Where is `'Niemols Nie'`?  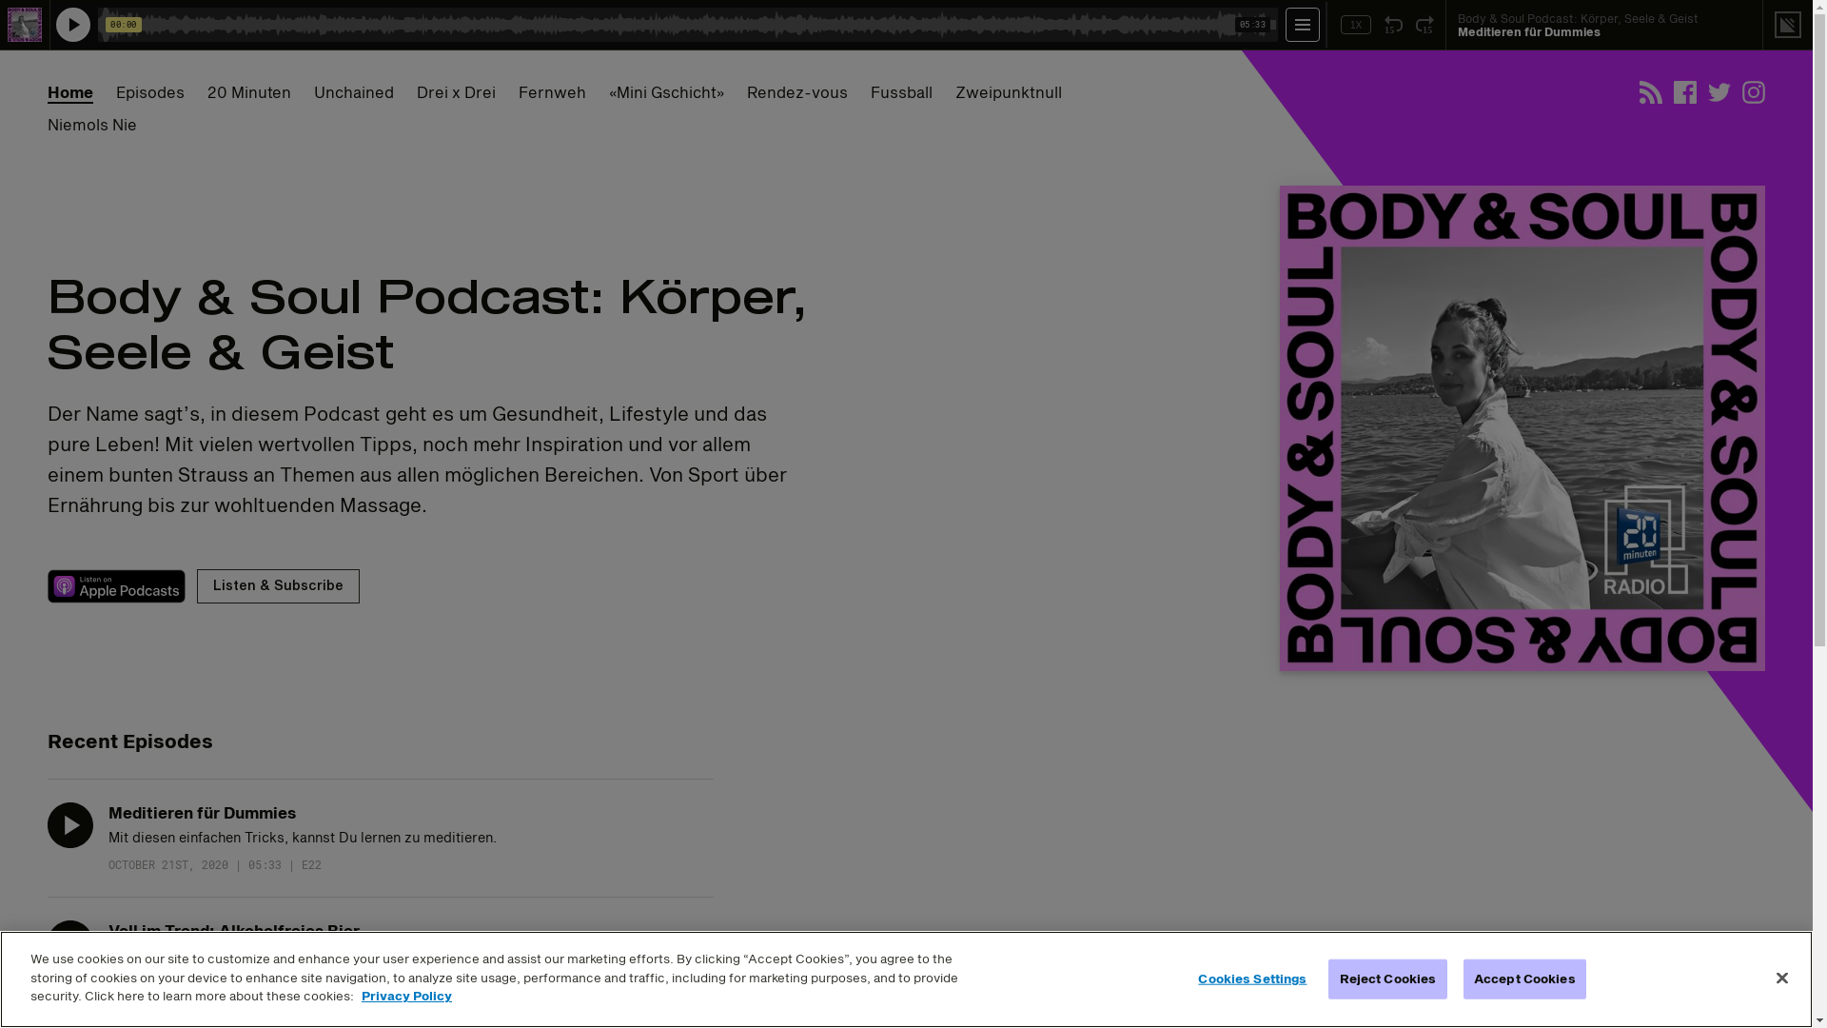
'Niemols Nie' is located at coordinates (90, 125).